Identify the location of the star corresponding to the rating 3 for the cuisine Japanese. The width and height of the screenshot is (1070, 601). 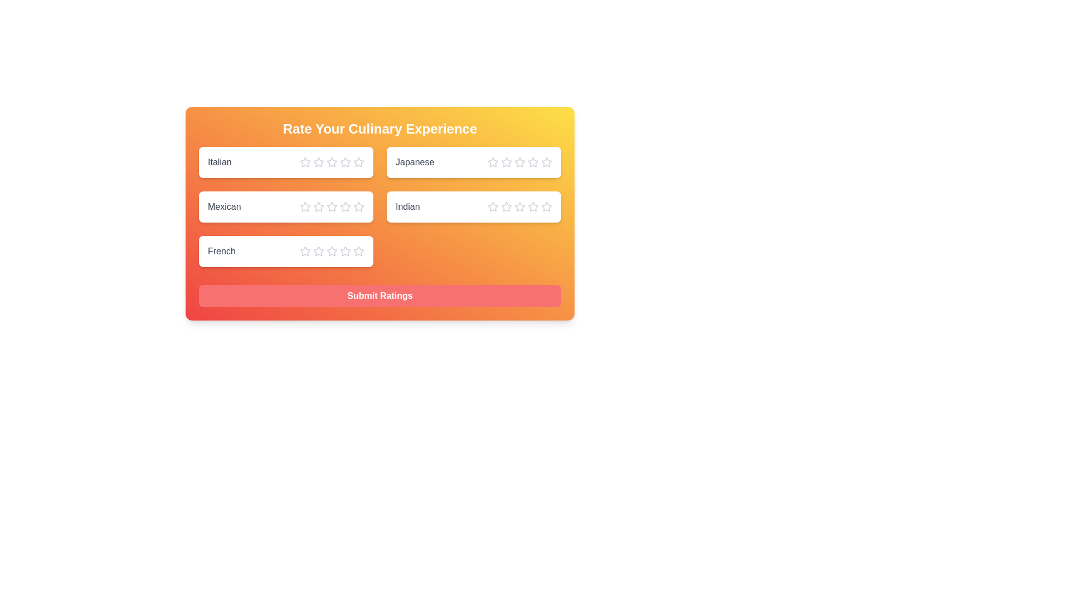
(519, 162).